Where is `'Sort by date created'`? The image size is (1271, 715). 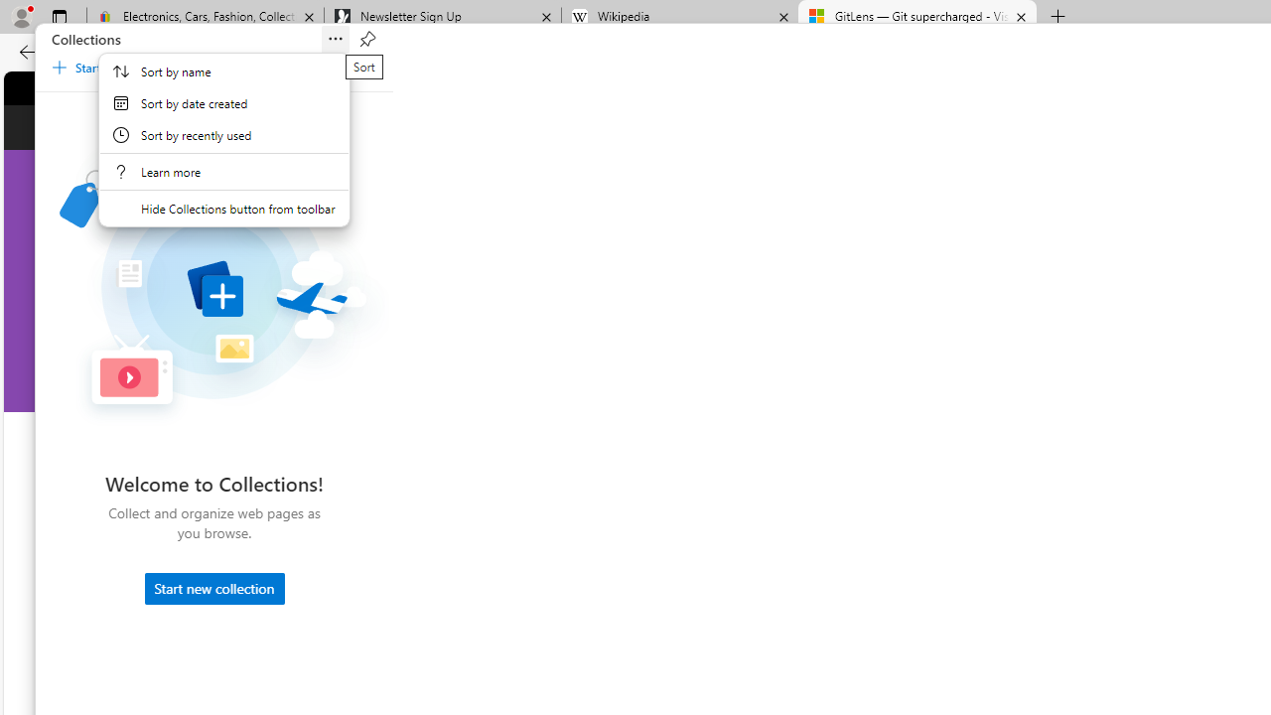 'Sort by date created' is located at coordinates (223, 103).